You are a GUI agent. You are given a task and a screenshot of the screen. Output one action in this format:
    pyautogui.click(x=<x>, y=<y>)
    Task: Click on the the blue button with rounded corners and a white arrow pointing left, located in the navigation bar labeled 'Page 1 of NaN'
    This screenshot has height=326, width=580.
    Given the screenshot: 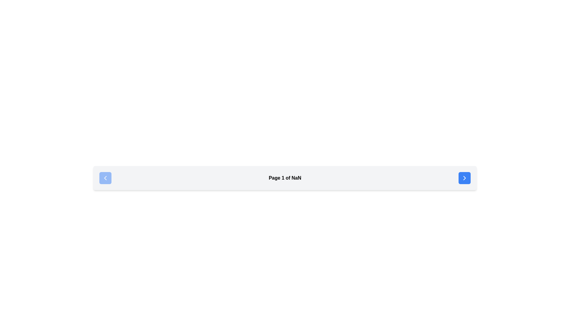 What is the action you would take?
    pyautogui.click(x=105, y=178)
    